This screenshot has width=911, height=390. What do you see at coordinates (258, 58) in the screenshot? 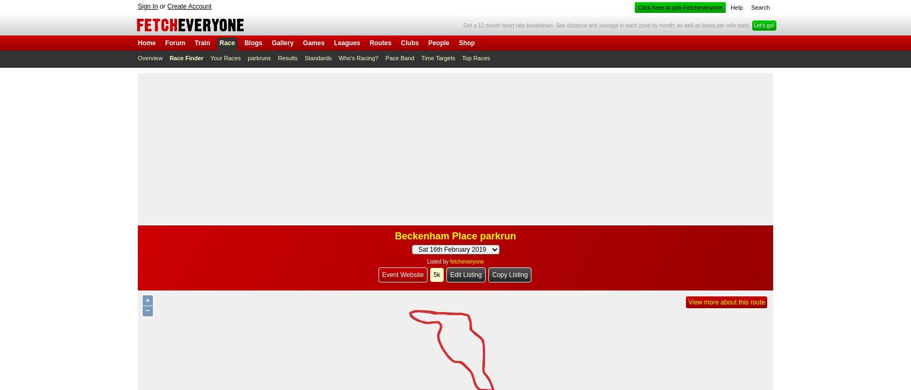
I see `'parkruns'` at bounding box center [258, 58].